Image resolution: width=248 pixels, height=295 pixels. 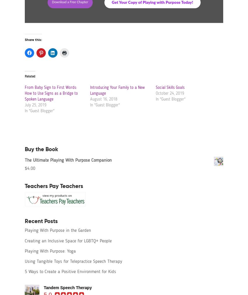 What do you see at coordinates (25, 168) in the screenshot?
I see `'$'` at bounding box center [25, 168].